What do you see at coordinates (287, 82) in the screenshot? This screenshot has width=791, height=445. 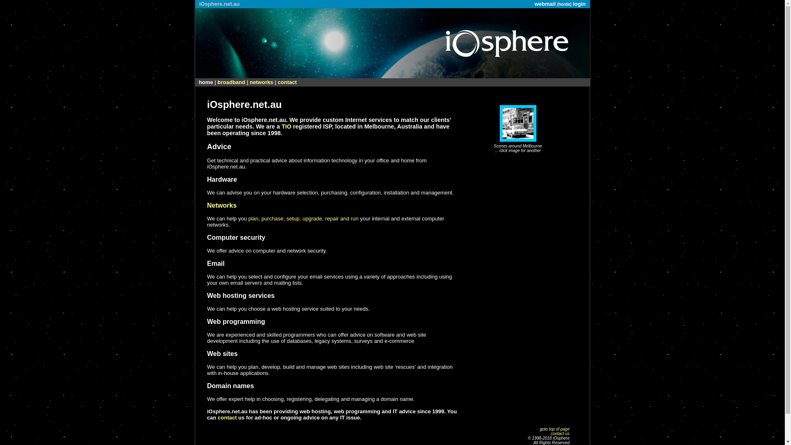 I see `'contact'` at bounding box center [287, 82].